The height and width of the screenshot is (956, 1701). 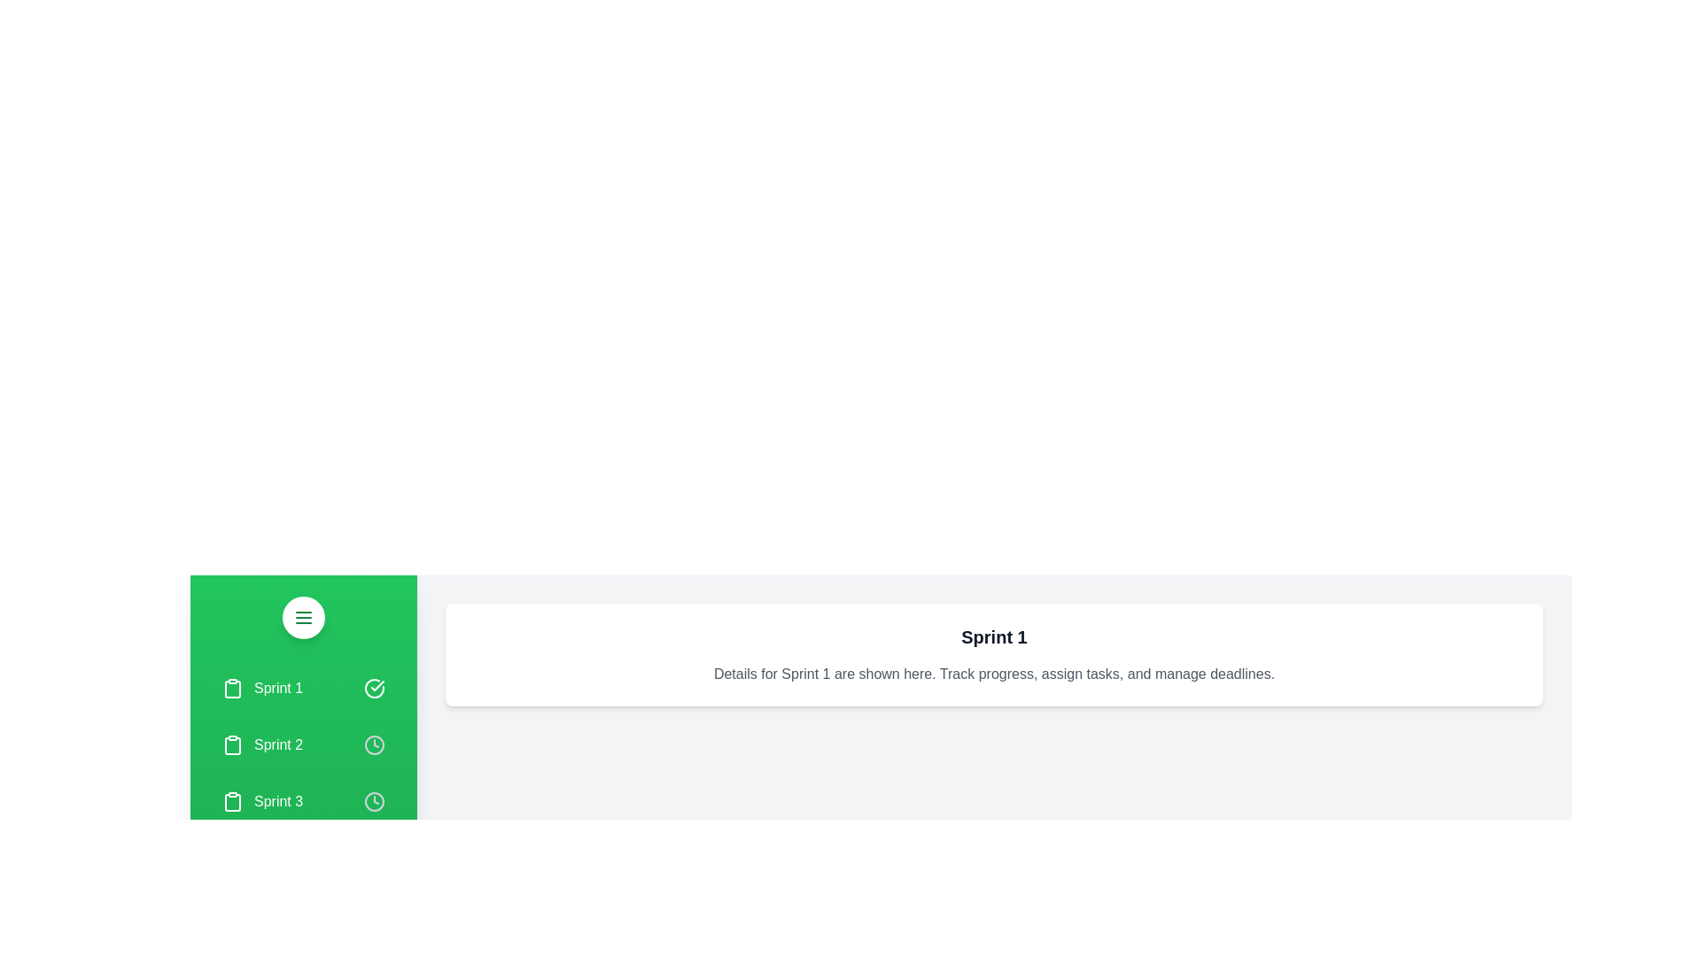 What do you see at coordinates (303, 688) in the screenshot?
I see `the sprint named Sprint 1 from the list` at bounding box center [303, 688].